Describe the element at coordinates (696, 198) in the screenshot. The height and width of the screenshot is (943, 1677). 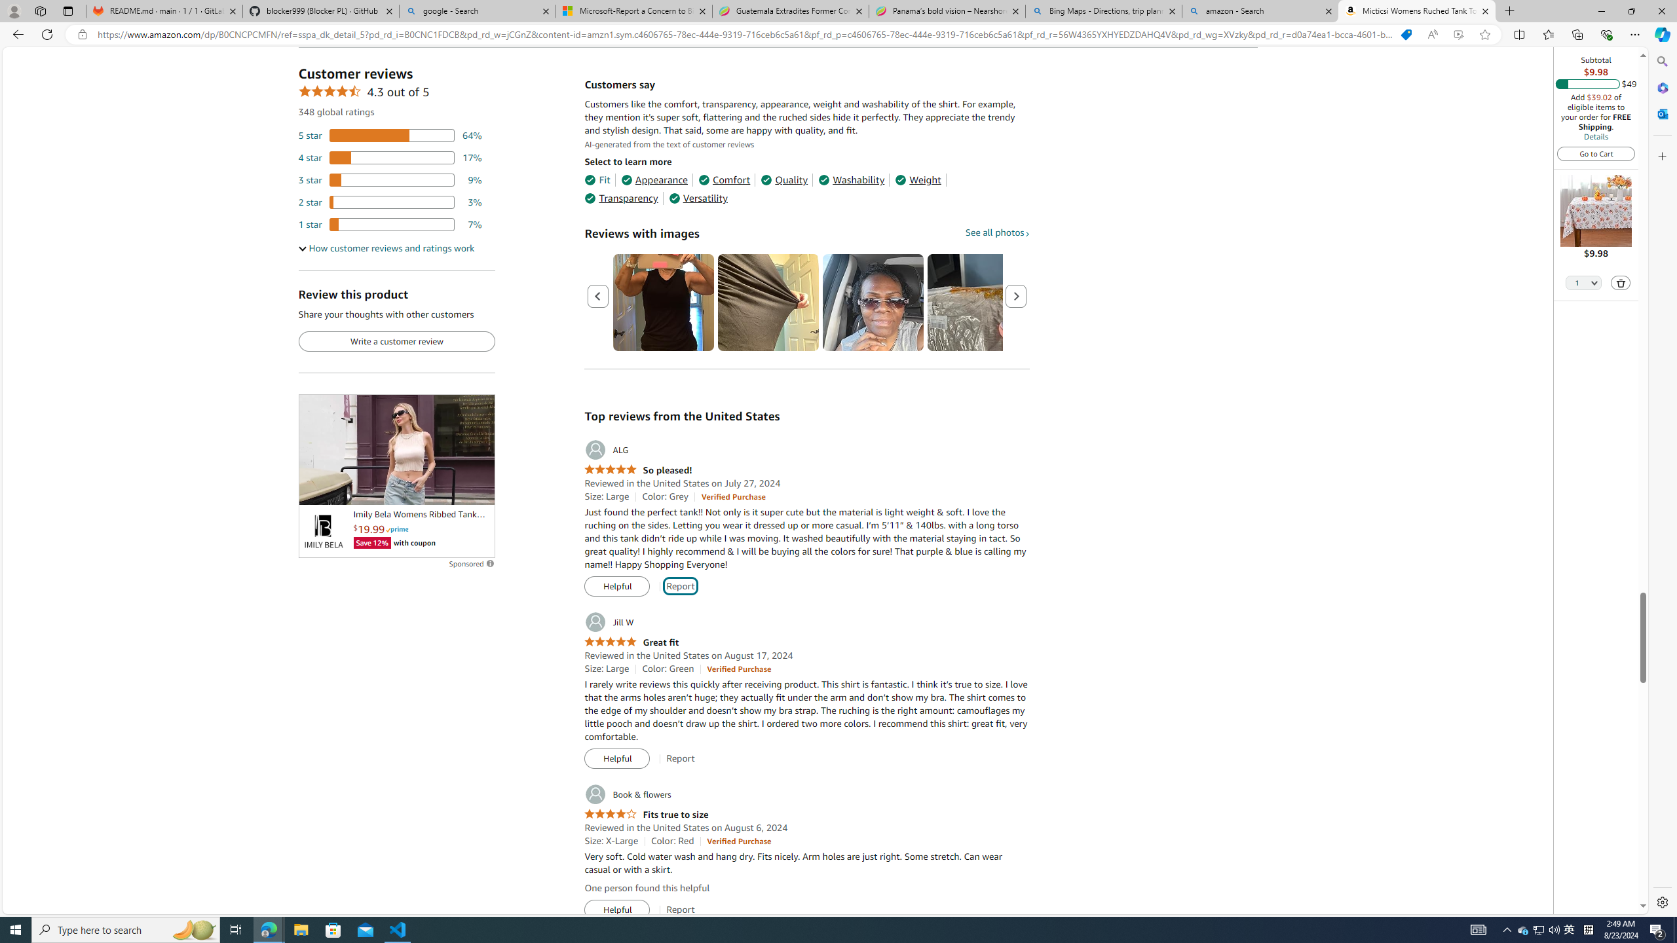
I see `'Versatility'` at that location.